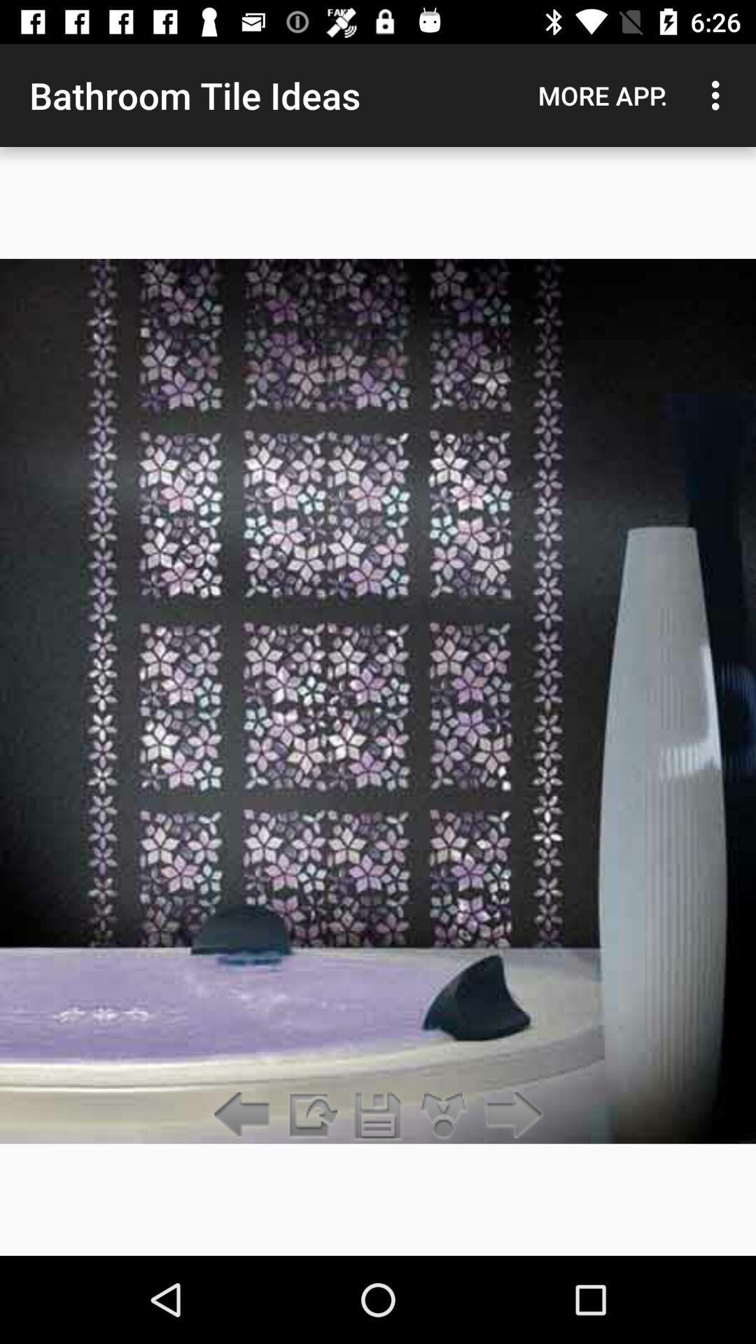 The image size is (756, 1344). What do you see at coordinates (719, 94) in the screenshot?
I see `item next to more app. icon` at bounding box center [719, 94].